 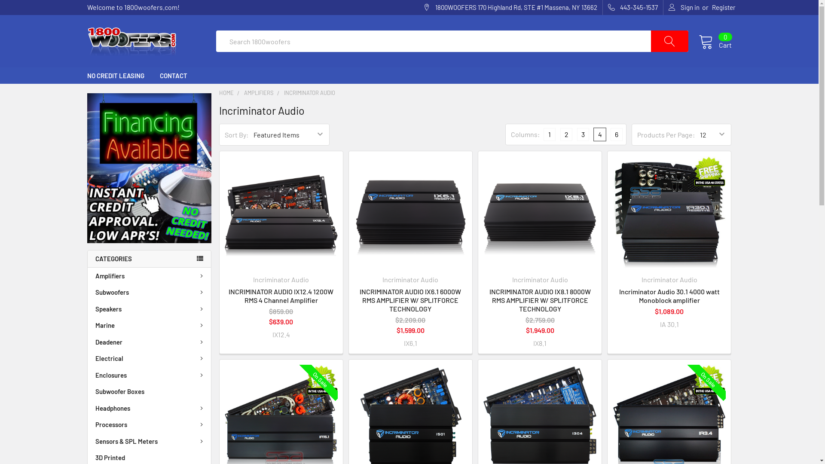 I want to click on 'Incriminator Audio 30.1 4000 watt Monoblock amplifier', so click(x=669, y=213).